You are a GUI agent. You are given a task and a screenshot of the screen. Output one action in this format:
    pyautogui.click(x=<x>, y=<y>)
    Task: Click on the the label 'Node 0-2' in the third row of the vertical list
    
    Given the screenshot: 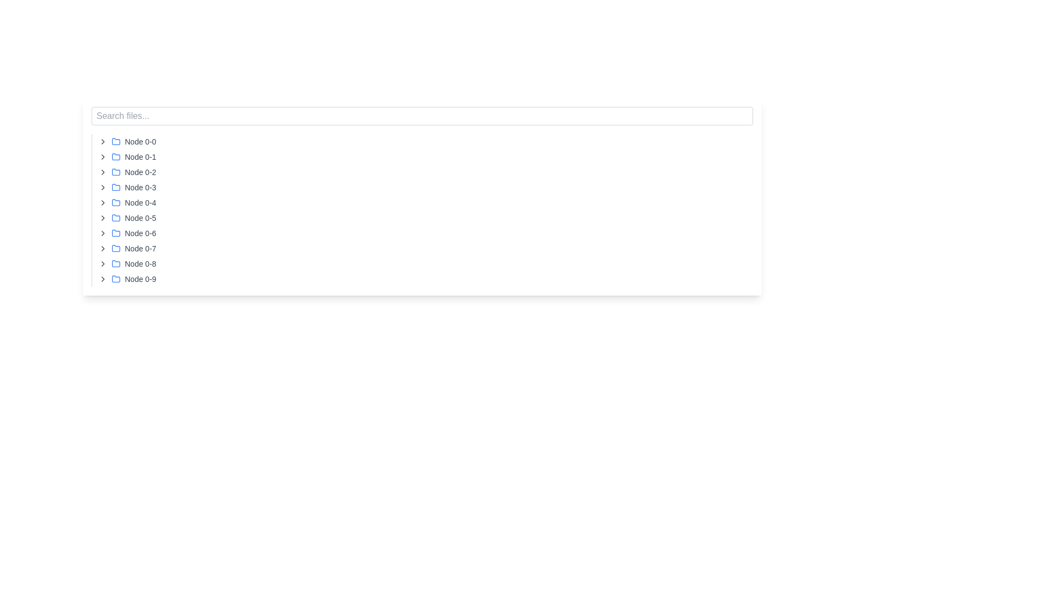 What is the action you would take?
    pyautogui.click(x=140, y=172)
    